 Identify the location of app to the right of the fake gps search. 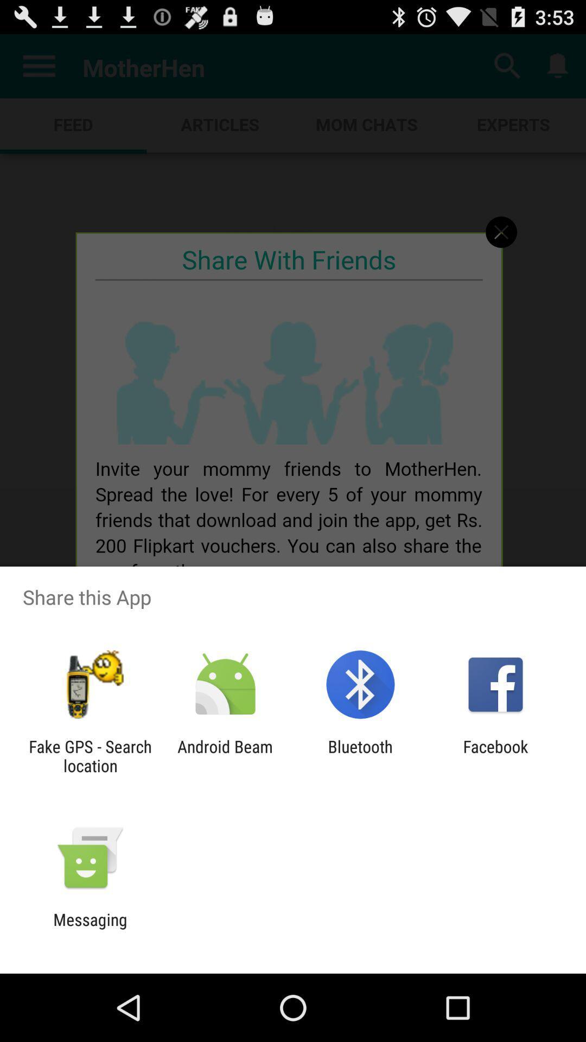
(225, 755).